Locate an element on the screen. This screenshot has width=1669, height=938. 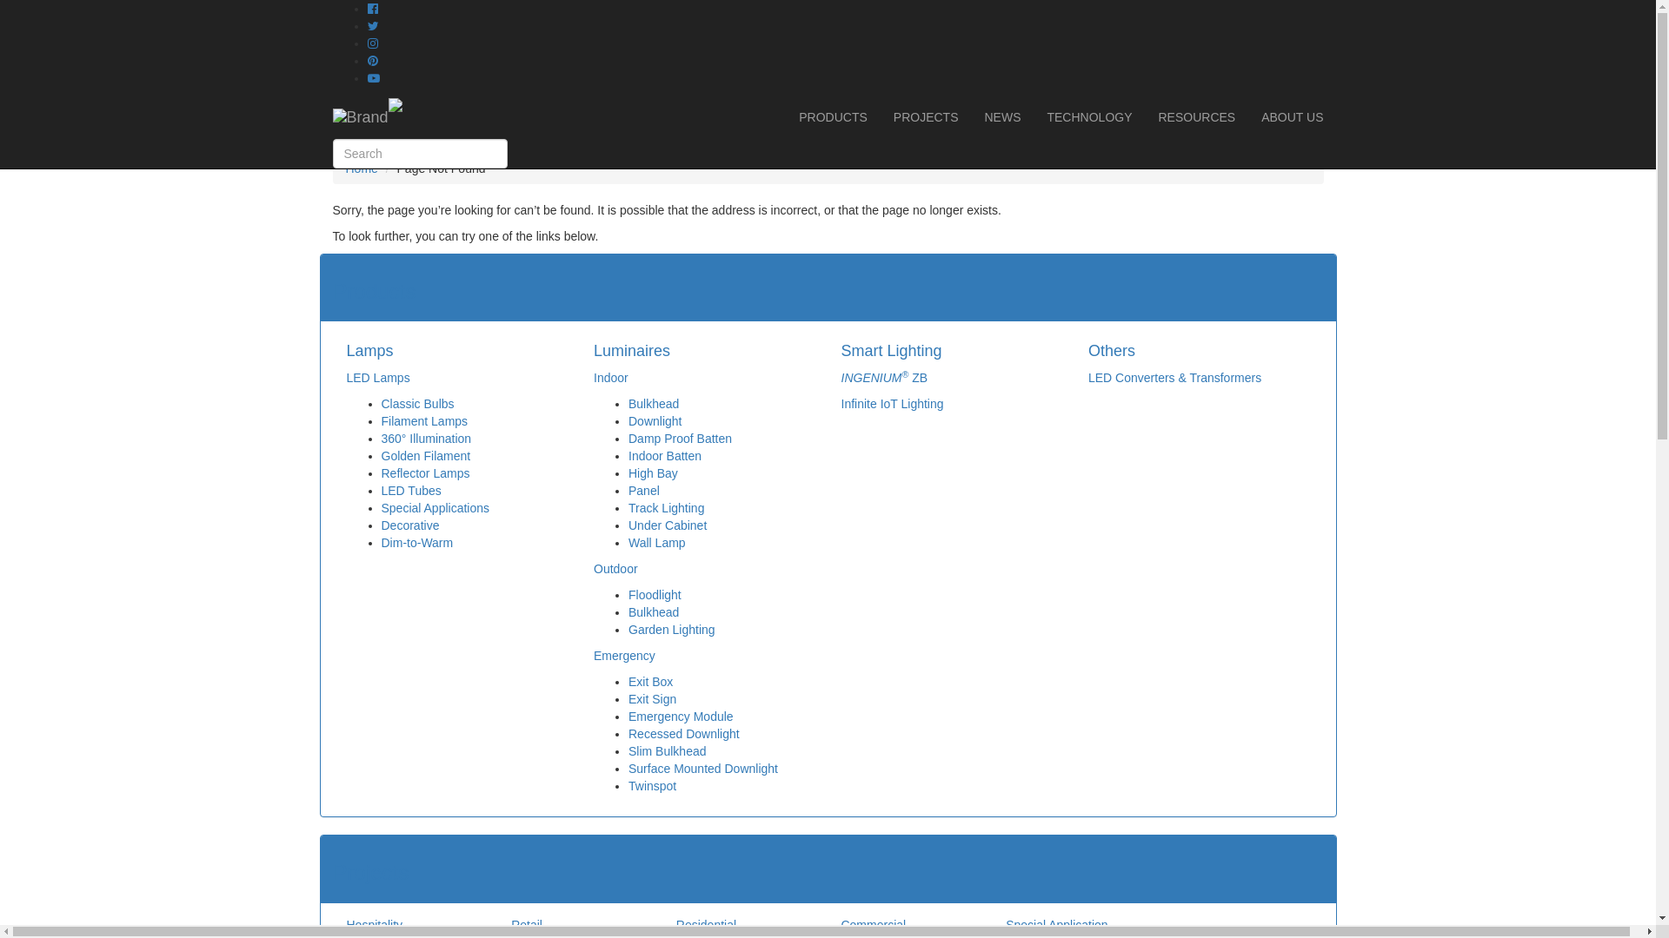
'Classic Bulbs' is located at coordinates (379, 404).